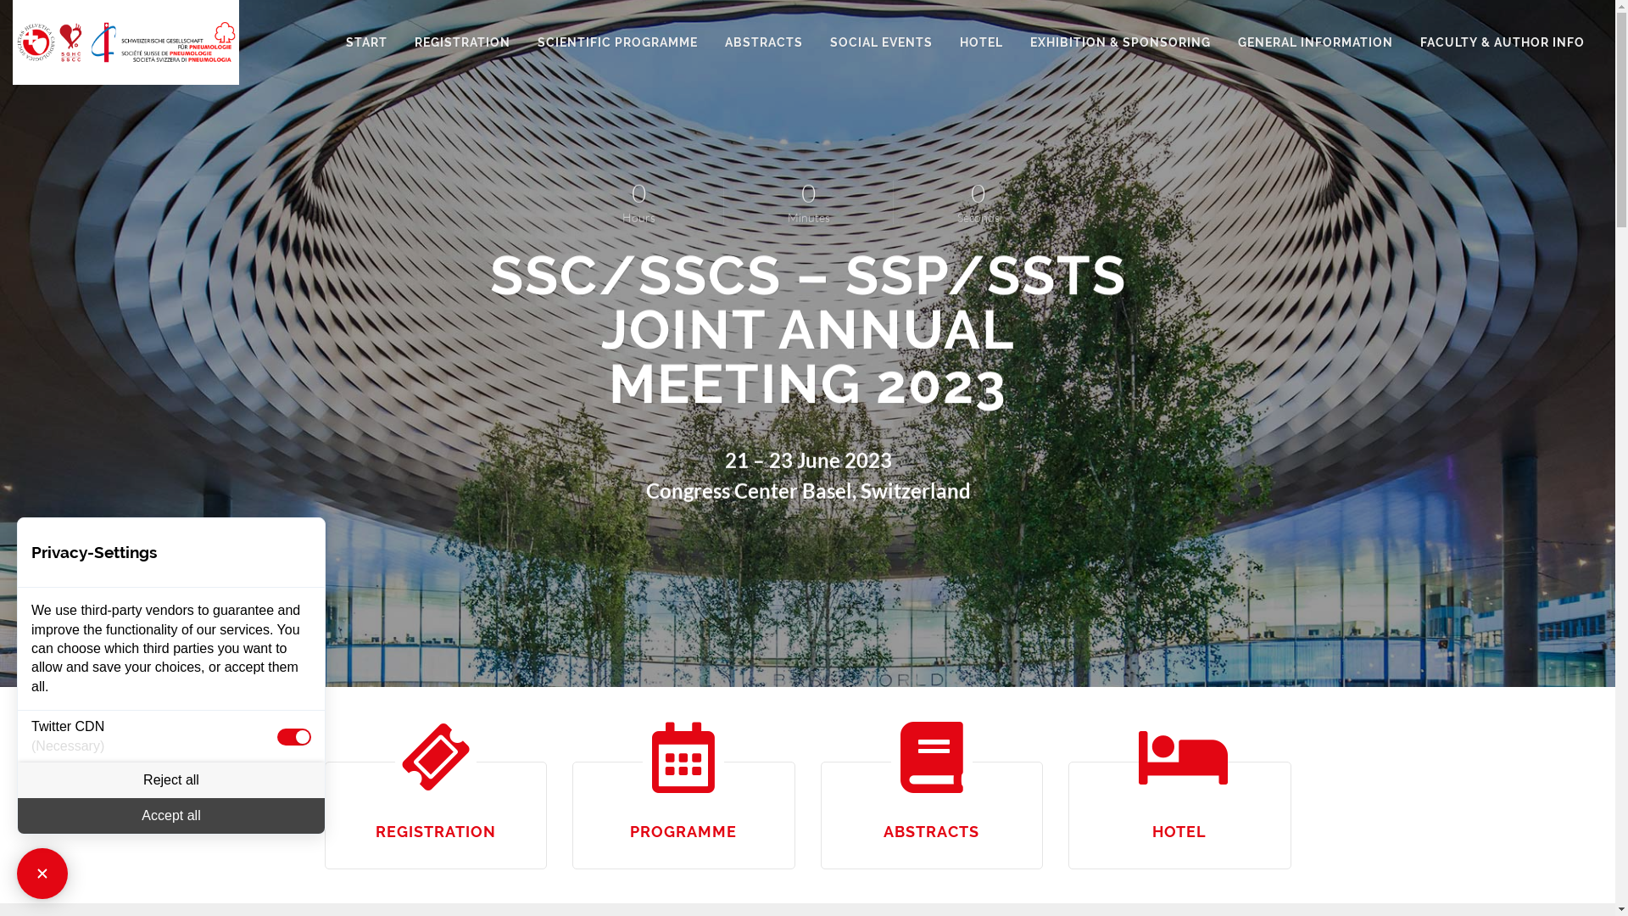 This screenshot has height=916, width=1628. I want to click on 'ABSTRACTS', so click(763, 42).